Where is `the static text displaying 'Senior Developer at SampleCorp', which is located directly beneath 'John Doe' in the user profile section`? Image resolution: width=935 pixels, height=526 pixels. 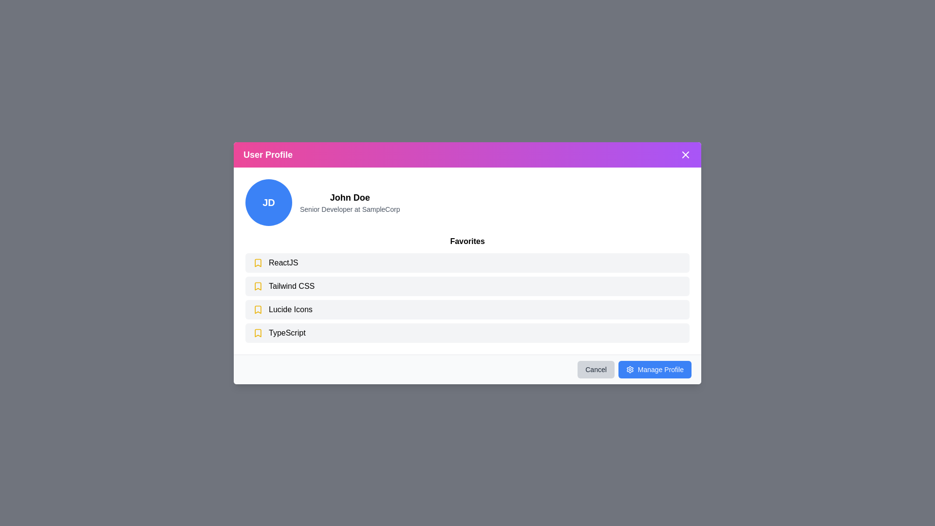
the static text displaying 'Senior Developer at SampleCorp', which is located directly beneath 'John Doe' in the user profile section is located at coordinates (350, 208).